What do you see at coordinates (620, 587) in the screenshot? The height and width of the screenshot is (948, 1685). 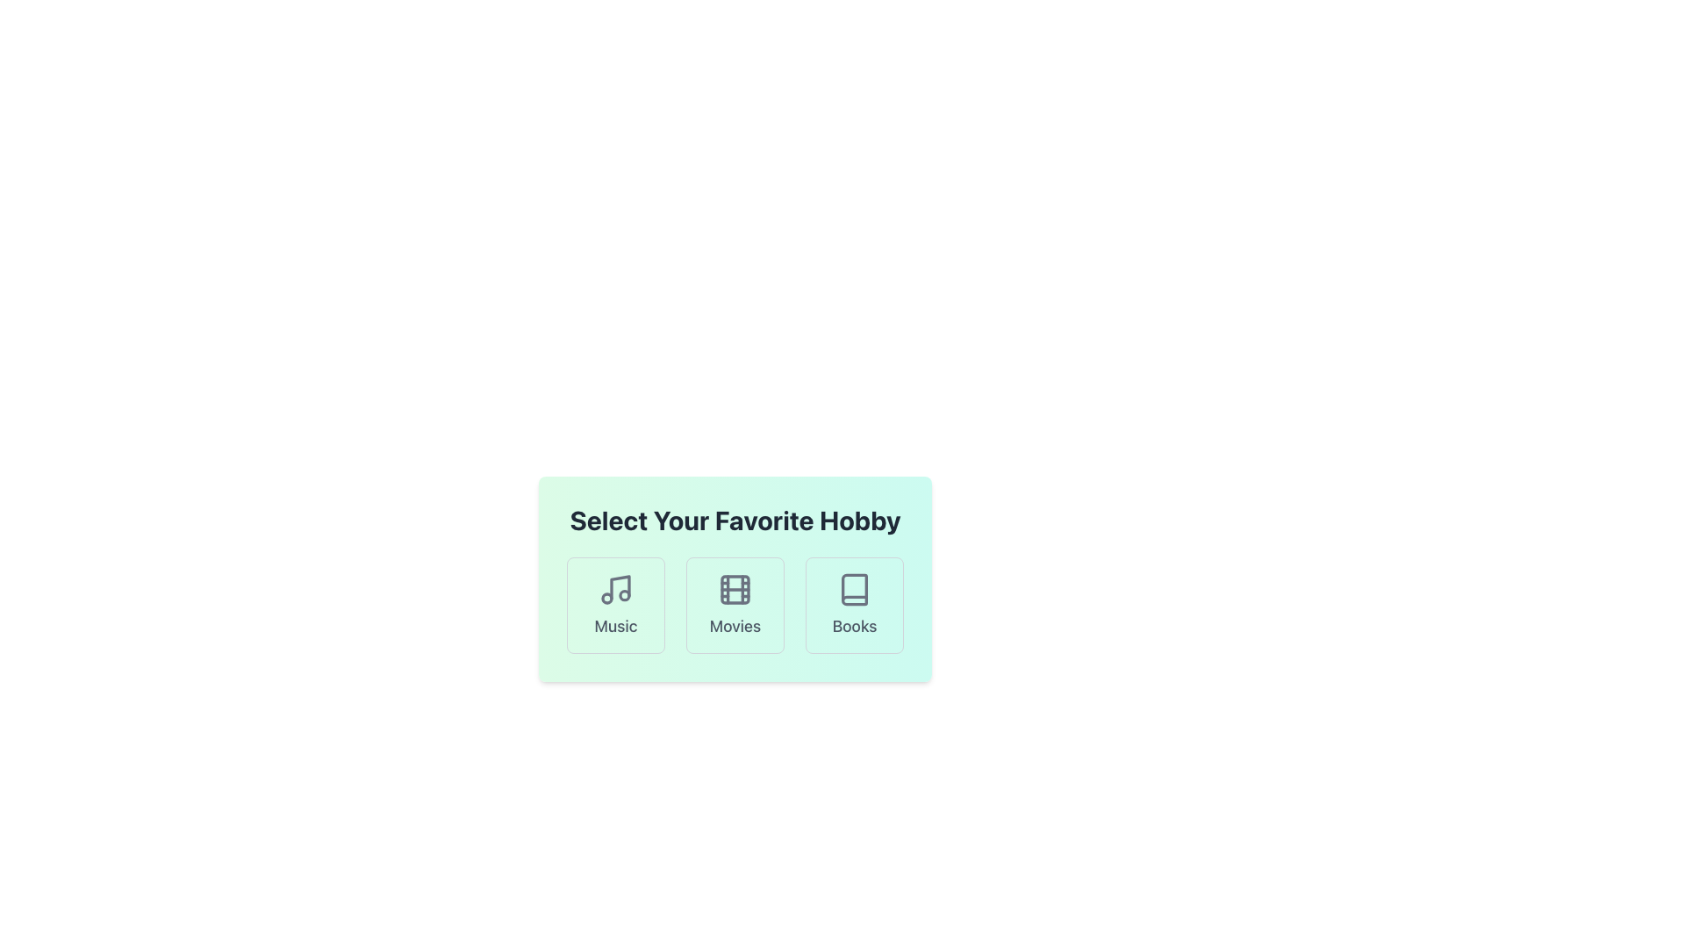 I see `the 'Music' icon, which visually represents the music button located in the first column of a three-column layout` at bounding box center [620, 587].